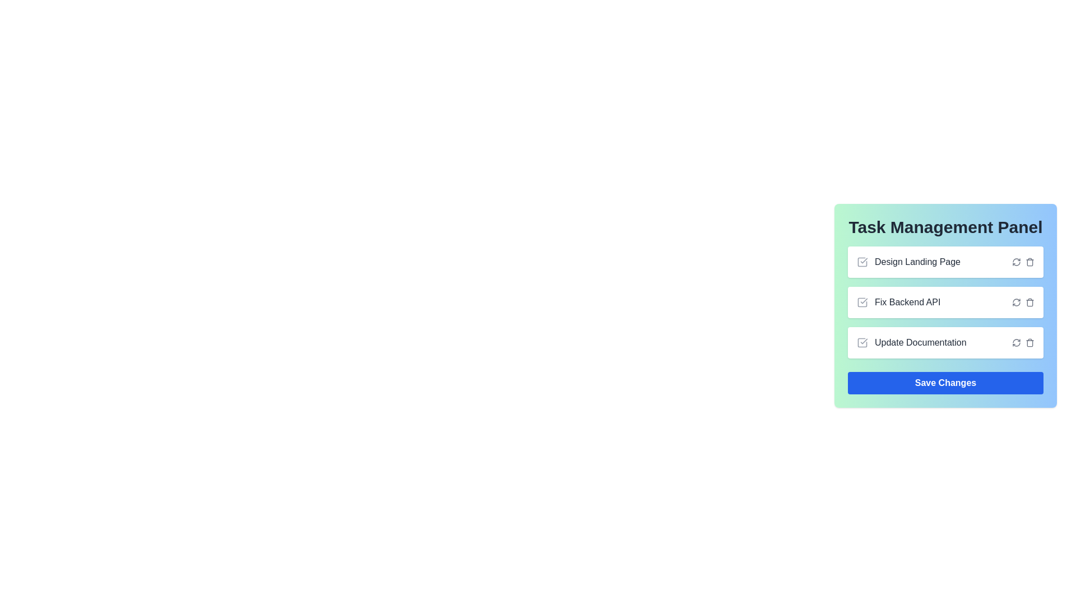 Image resolution: width=1076 pixels, height=605 pixels. What do you see at coordinates (898, 302) in the screenshot?
I see `the second task item in the task management list, which is represented by a checkbox` at bounding box center [898, 302].